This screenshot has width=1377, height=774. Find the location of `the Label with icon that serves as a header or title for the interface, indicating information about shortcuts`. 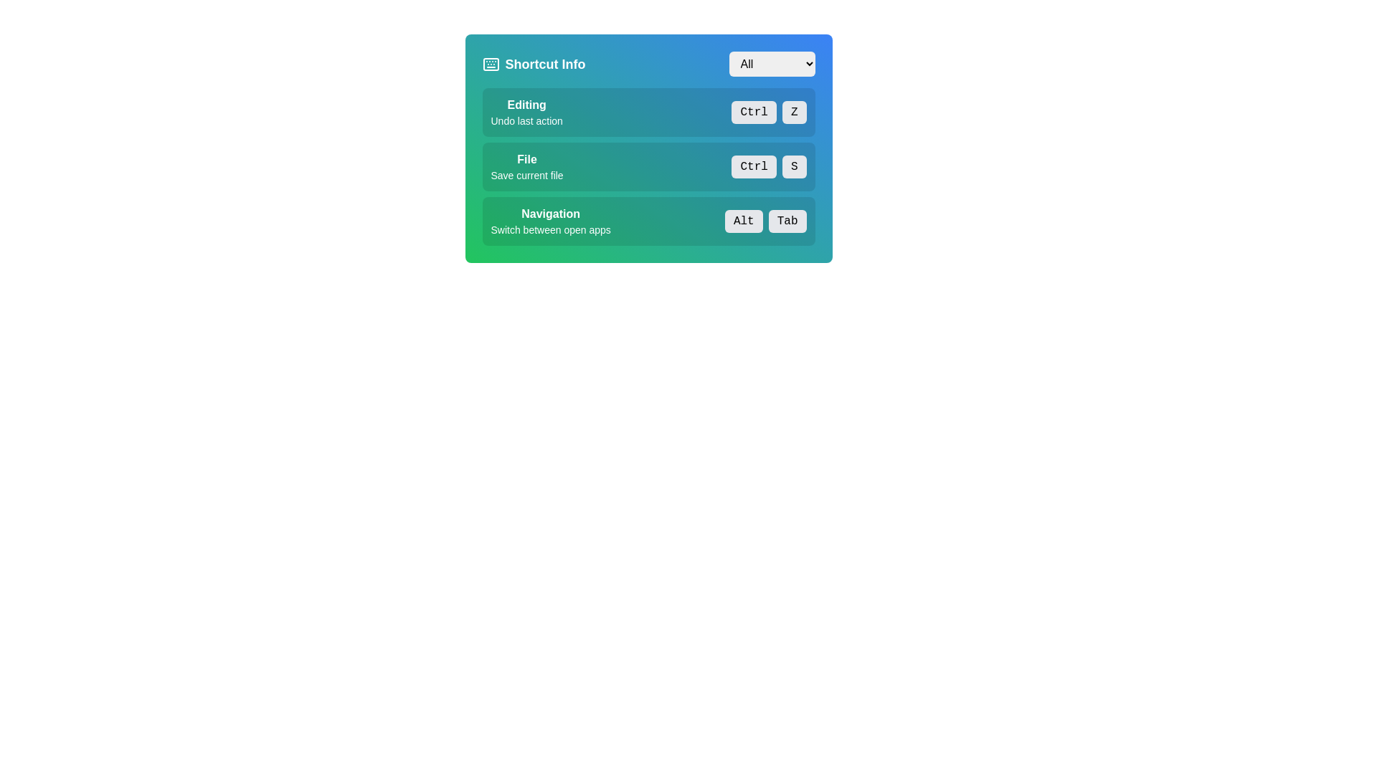

the Label with icon that serves as a header or title for the interface, indicating information about shortcuts is located at coordinates (533, 63).